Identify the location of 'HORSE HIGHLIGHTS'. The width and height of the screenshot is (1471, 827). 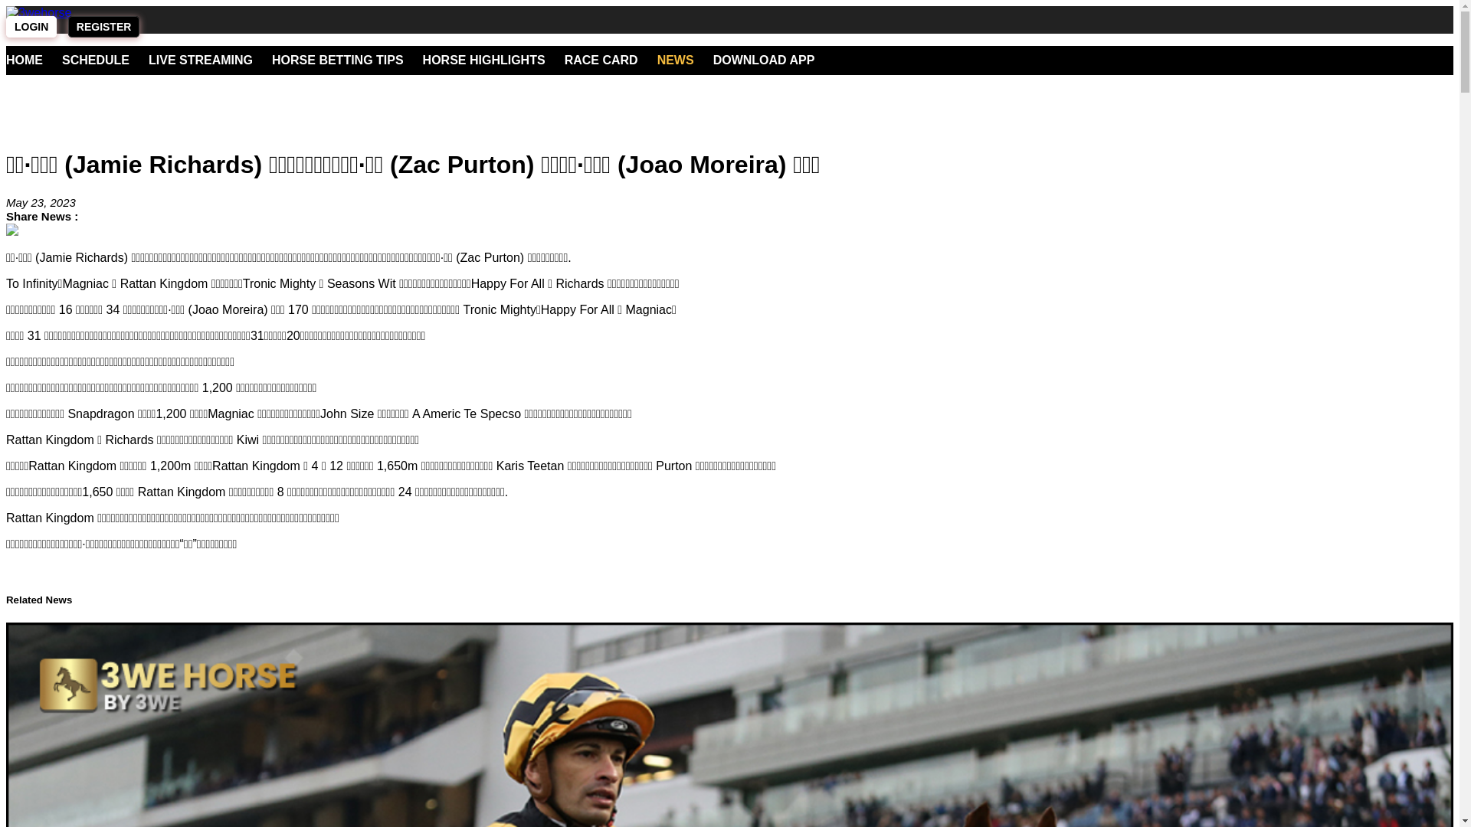
(423, 59).